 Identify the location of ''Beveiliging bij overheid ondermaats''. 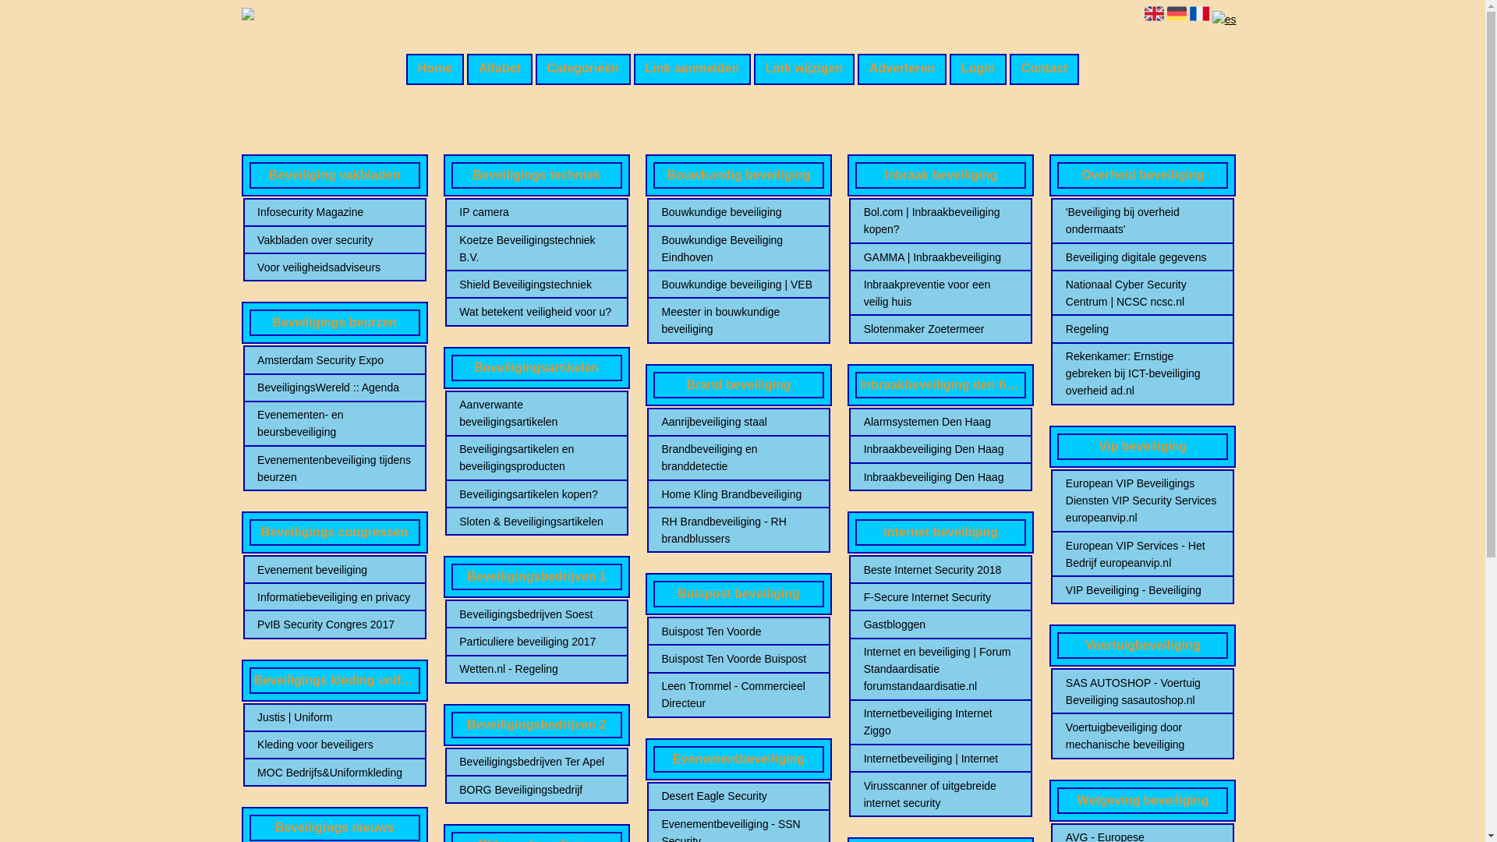
(1142, 220).